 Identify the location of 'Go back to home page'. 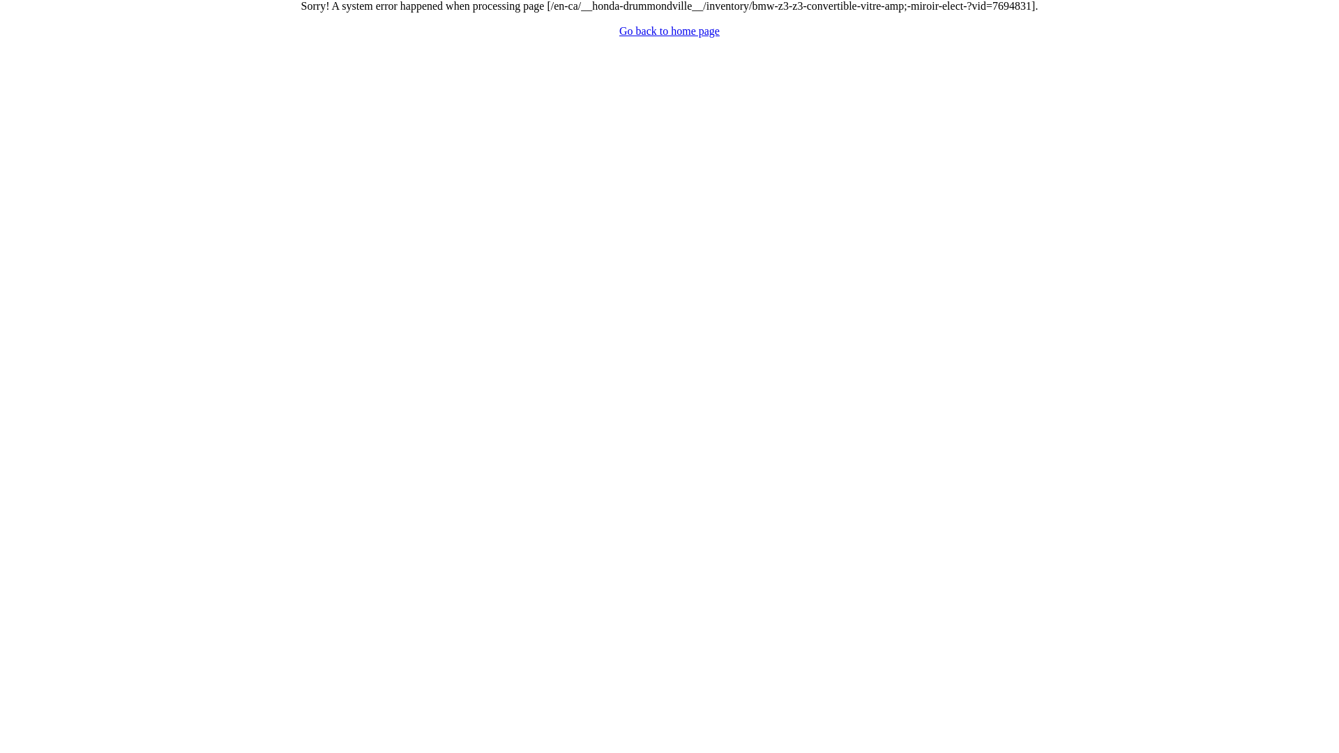
(669, 31).